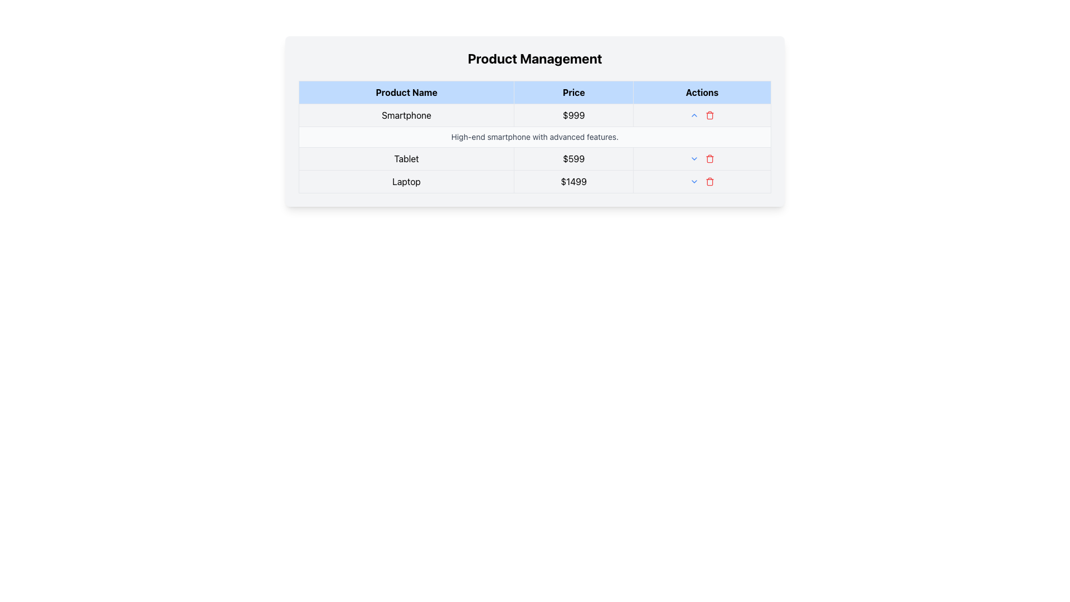 The image size is (1070, 602). Describe the element at coordinates (701, 115) in the screenshot. I see `the interactive buttons within the horizontally arranged Button Group located in the first row of the table under the 'Actions' column` at that location.